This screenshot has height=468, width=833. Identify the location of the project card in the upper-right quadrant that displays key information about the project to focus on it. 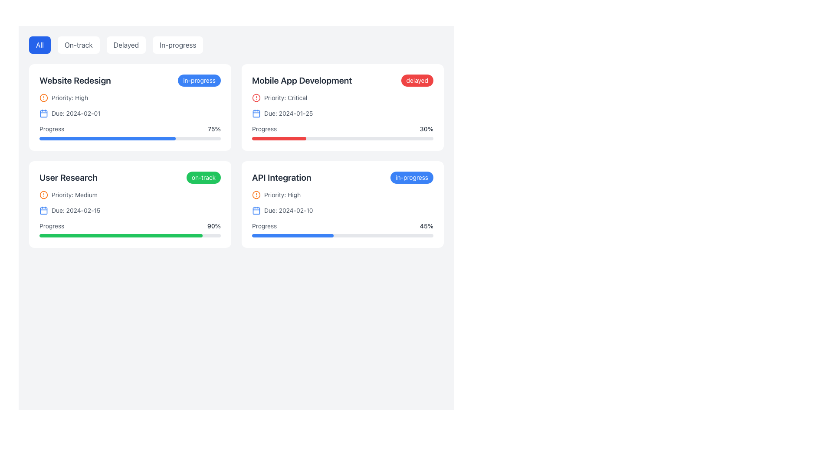
(342, 107).